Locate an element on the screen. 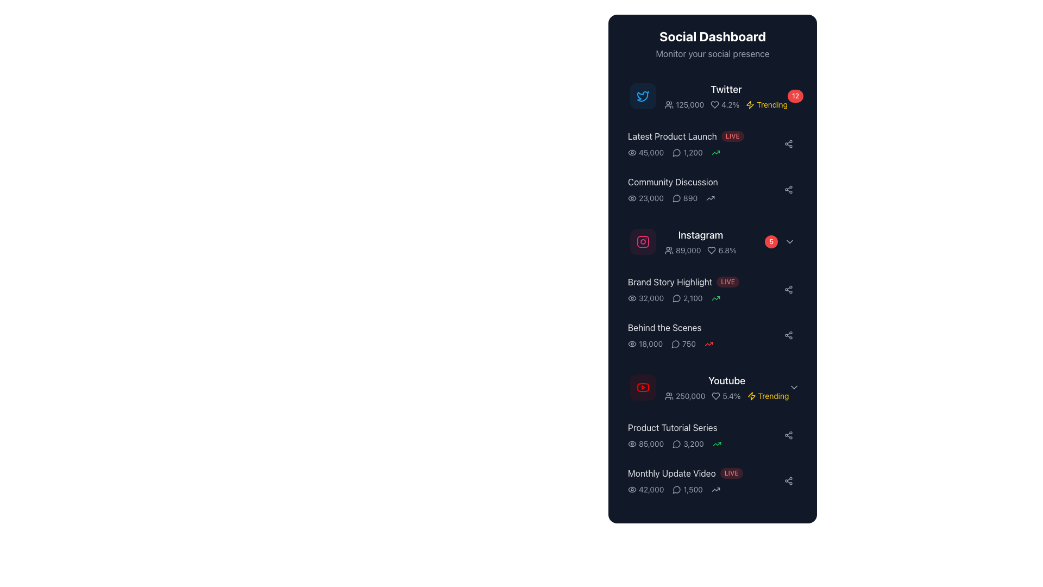 This screenshot has width=1043, height=587. the Text Label displaying the numerical value indicating the count of views in the 'Behind the Scenes' section, located between an eye icon and another numeric label showing '750' is located at coordinates (645, 344).